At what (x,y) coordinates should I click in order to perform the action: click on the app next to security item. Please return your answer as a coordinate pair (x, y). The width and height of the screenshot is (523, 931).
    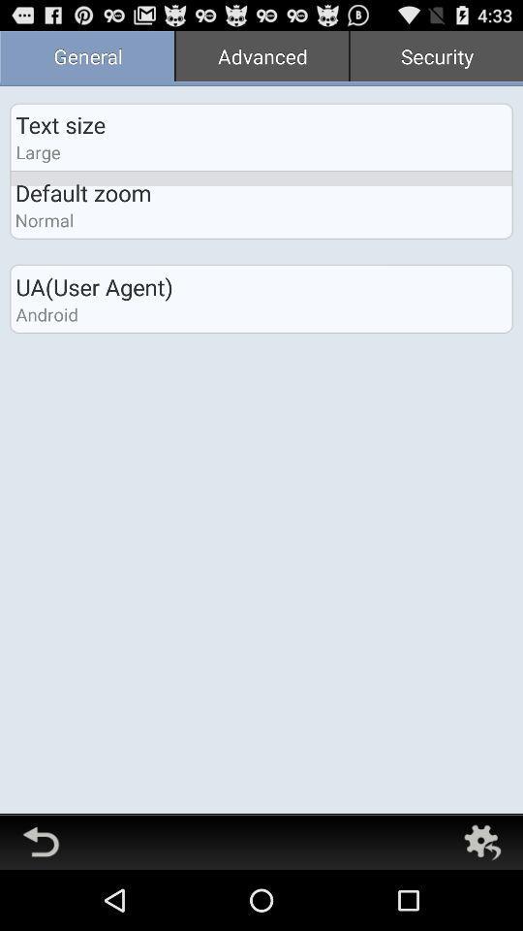
    Looking at the image, I should click on (261, 57).